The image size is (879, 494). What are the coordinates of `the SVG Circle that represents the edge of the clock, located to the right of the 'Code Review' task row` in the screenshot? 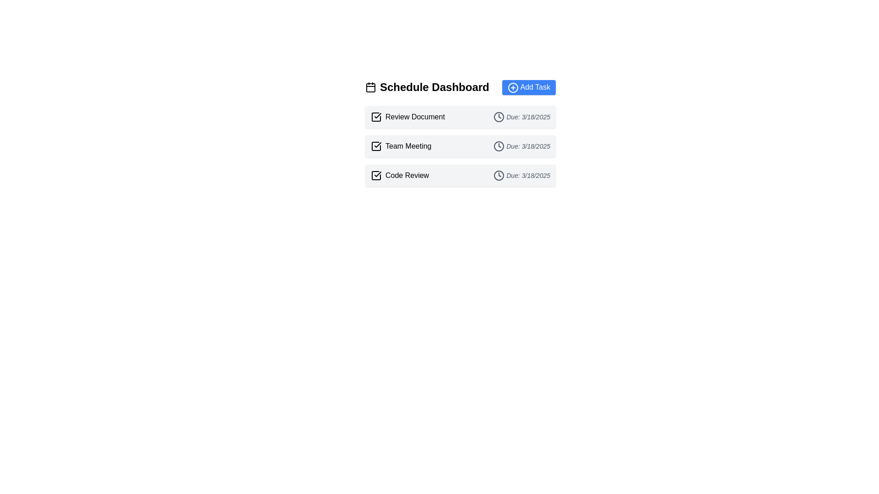 It's located at (499, 175).